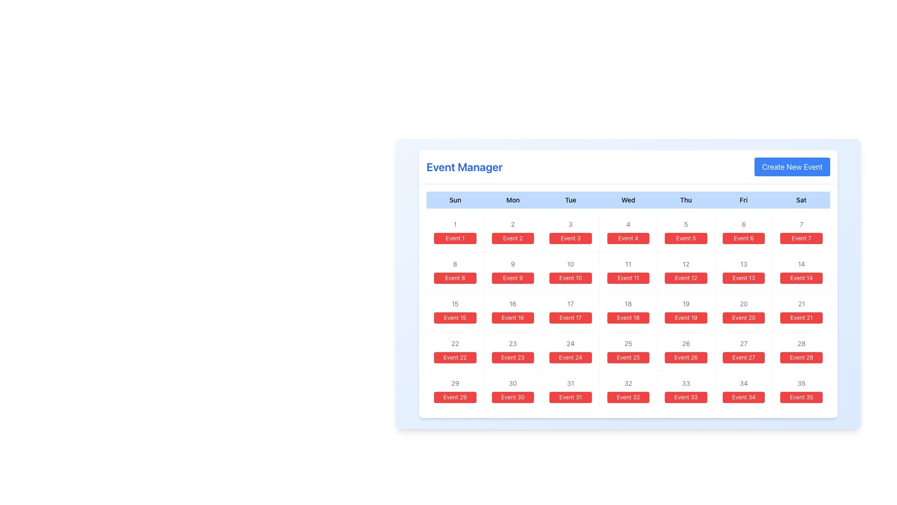 This screenshot has width=897, height=505. What do you see at coordinates (743, 317) in the screenshot?
I see `the red button labeled 'Event 20' located in the Friday column of the calendar grid` at bounding box center [743, 317].